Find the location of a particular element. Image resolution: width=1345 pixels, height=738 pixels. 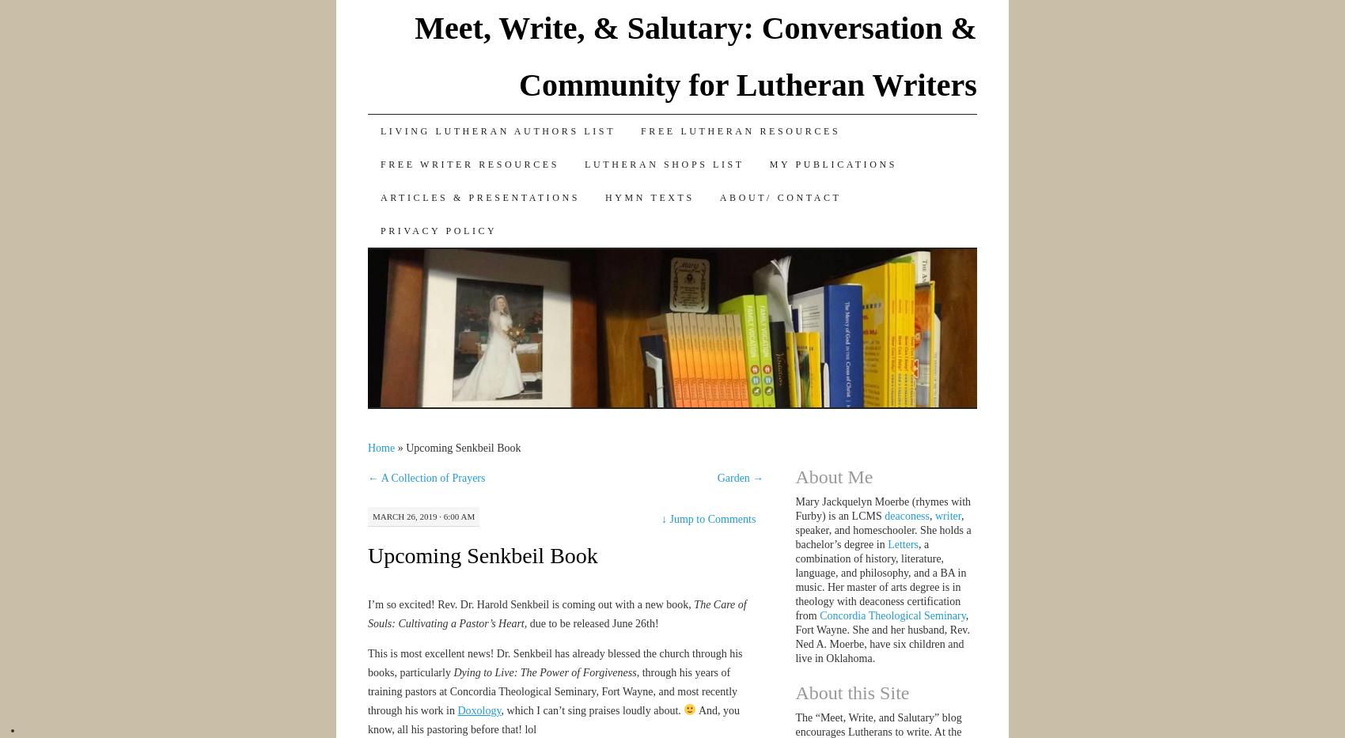

',' is located at coordinates (931, 515).